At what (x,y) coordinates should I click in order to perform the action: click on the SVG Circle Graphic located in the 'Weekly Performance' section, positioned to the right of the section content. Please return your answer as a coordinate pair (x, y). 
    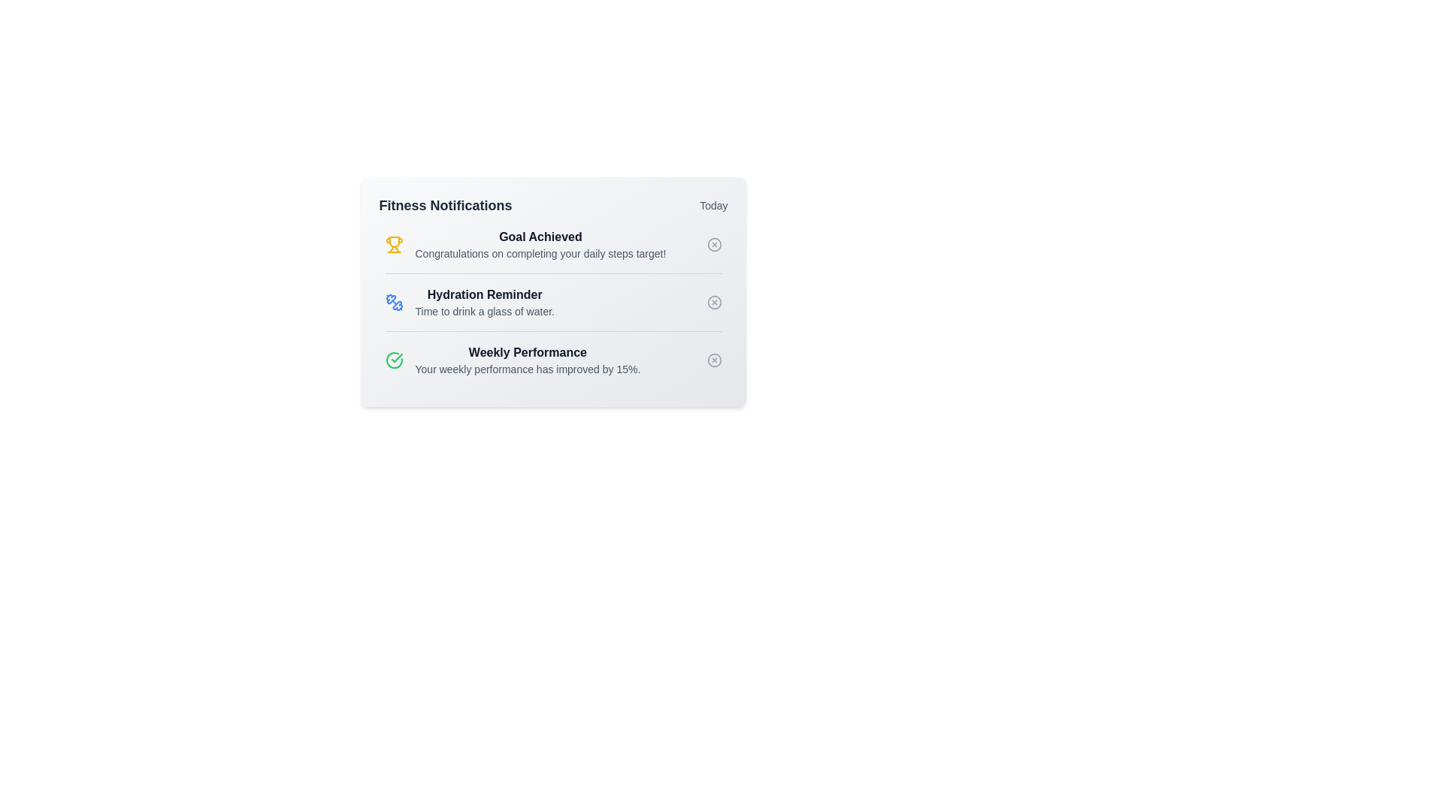
    Looking at the image, I should click on (713, 360).